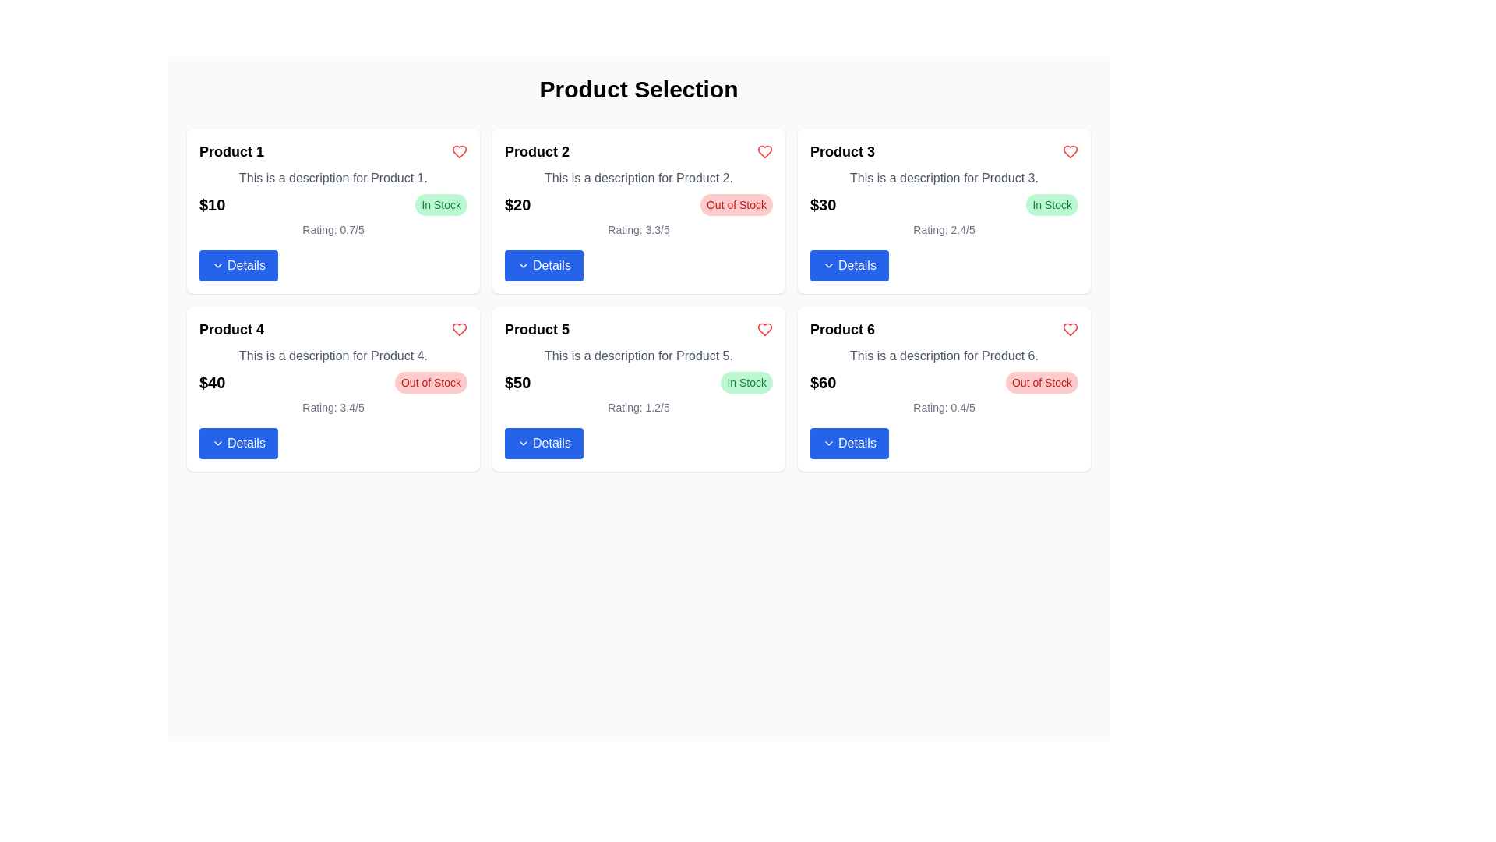  What do you see at coordinates (217, 264) in the screenshot?
I see `the 'Details' button by clicking on the Chevron Down icon, which is part of the button that contains the text 'Details'` at bounding box center [217, 264].